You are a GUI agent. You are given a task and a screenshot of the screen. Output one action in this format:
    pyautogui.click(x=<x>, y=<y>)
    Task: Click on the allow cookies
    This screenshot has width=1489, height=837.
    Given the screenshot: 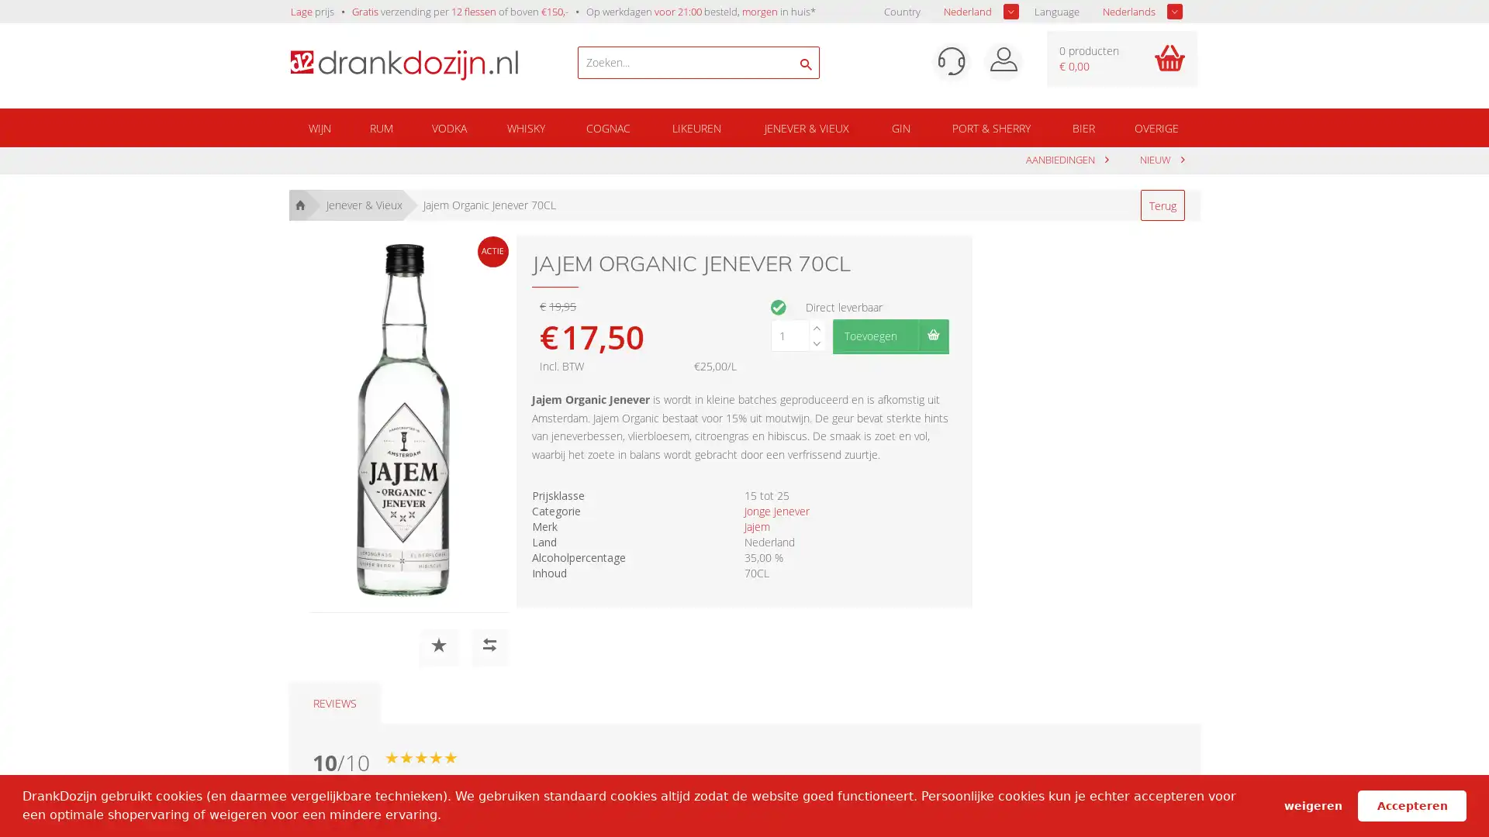 What is the action you would take?
    pyautogui.click(x=1411, y=804)
    